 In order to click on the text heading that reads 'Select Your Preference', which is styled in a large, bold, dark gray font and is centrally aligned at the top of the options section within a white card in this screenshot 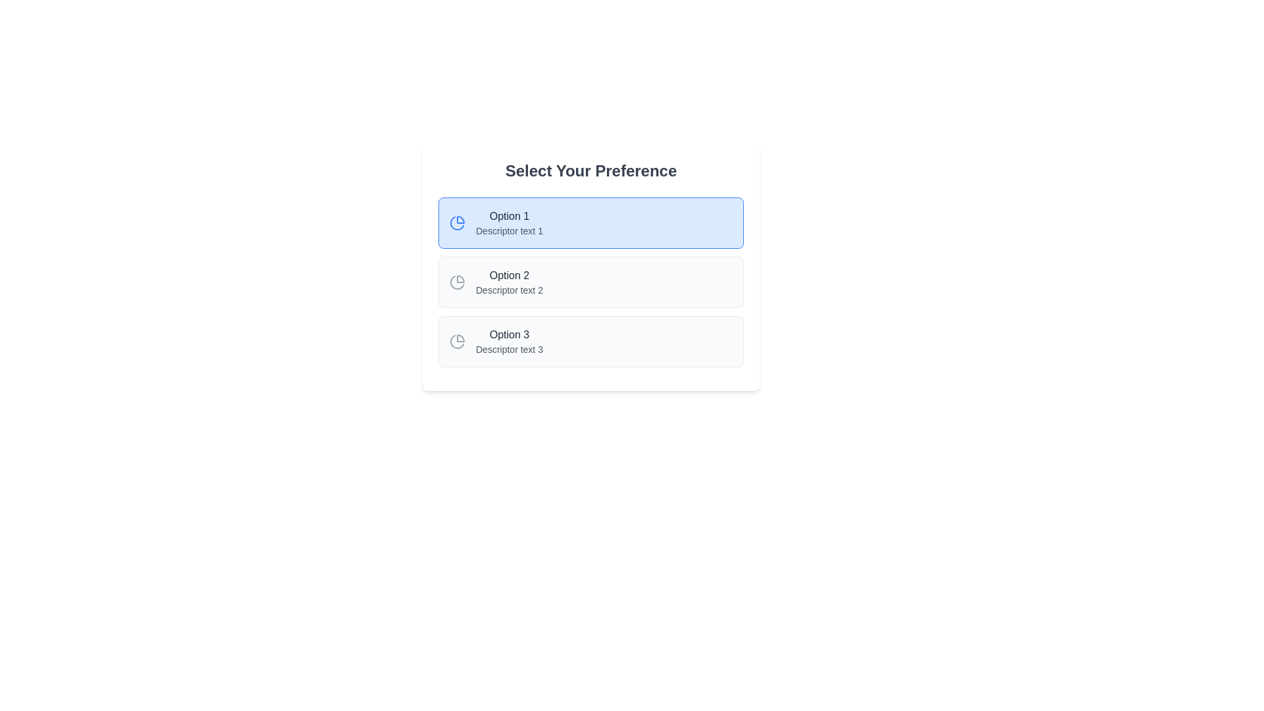, I will do `click(590, 170)`.